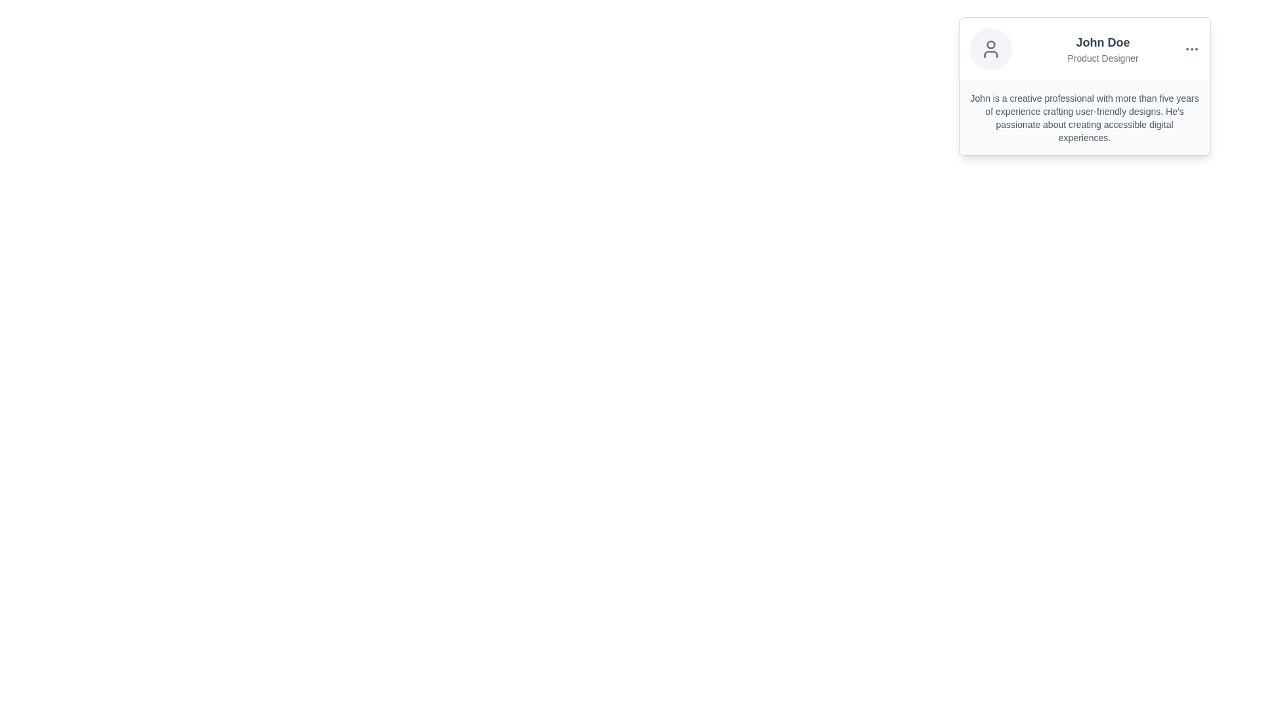  I want to click on the text, so click(1084, 48).